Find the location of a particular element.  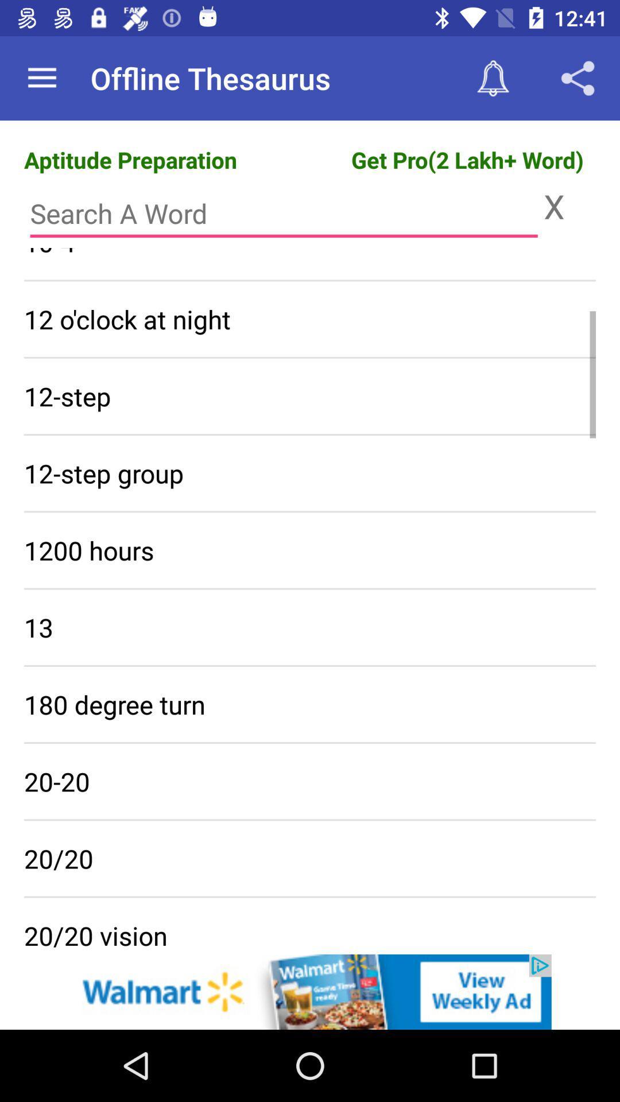

search box is located at coordinates (284, 214).